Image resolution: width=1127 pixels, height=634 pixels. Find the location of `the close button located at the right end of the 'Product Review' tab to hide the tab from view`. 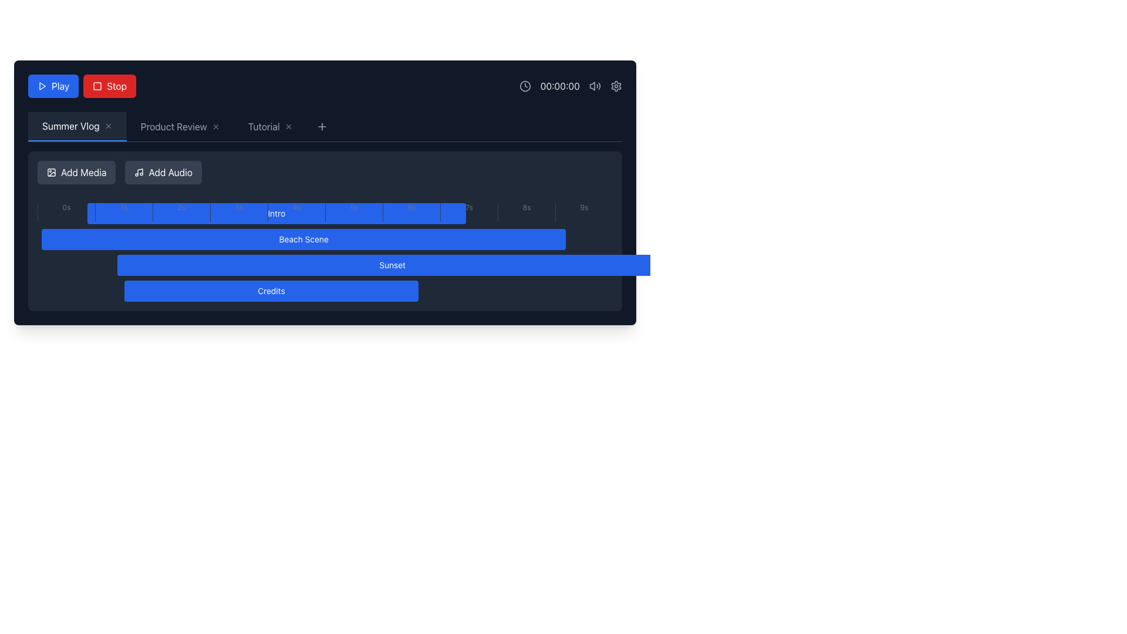

the close button located at the right end of the 'Product Review' tab to hide the tab from view is located at coordinates (215, 127).